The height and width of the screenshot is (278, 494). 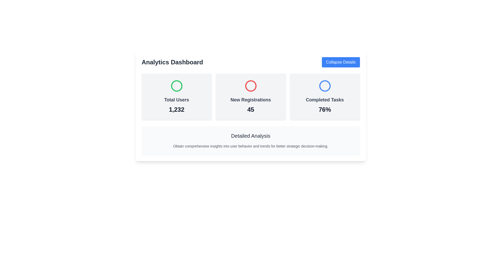 What do you see at coordinates (251, 109) in the screenshot?
I see `number '45' indicating new registrations, which is centered below the title in the middle card of the three-card layout` at bounding box center [251, 109].